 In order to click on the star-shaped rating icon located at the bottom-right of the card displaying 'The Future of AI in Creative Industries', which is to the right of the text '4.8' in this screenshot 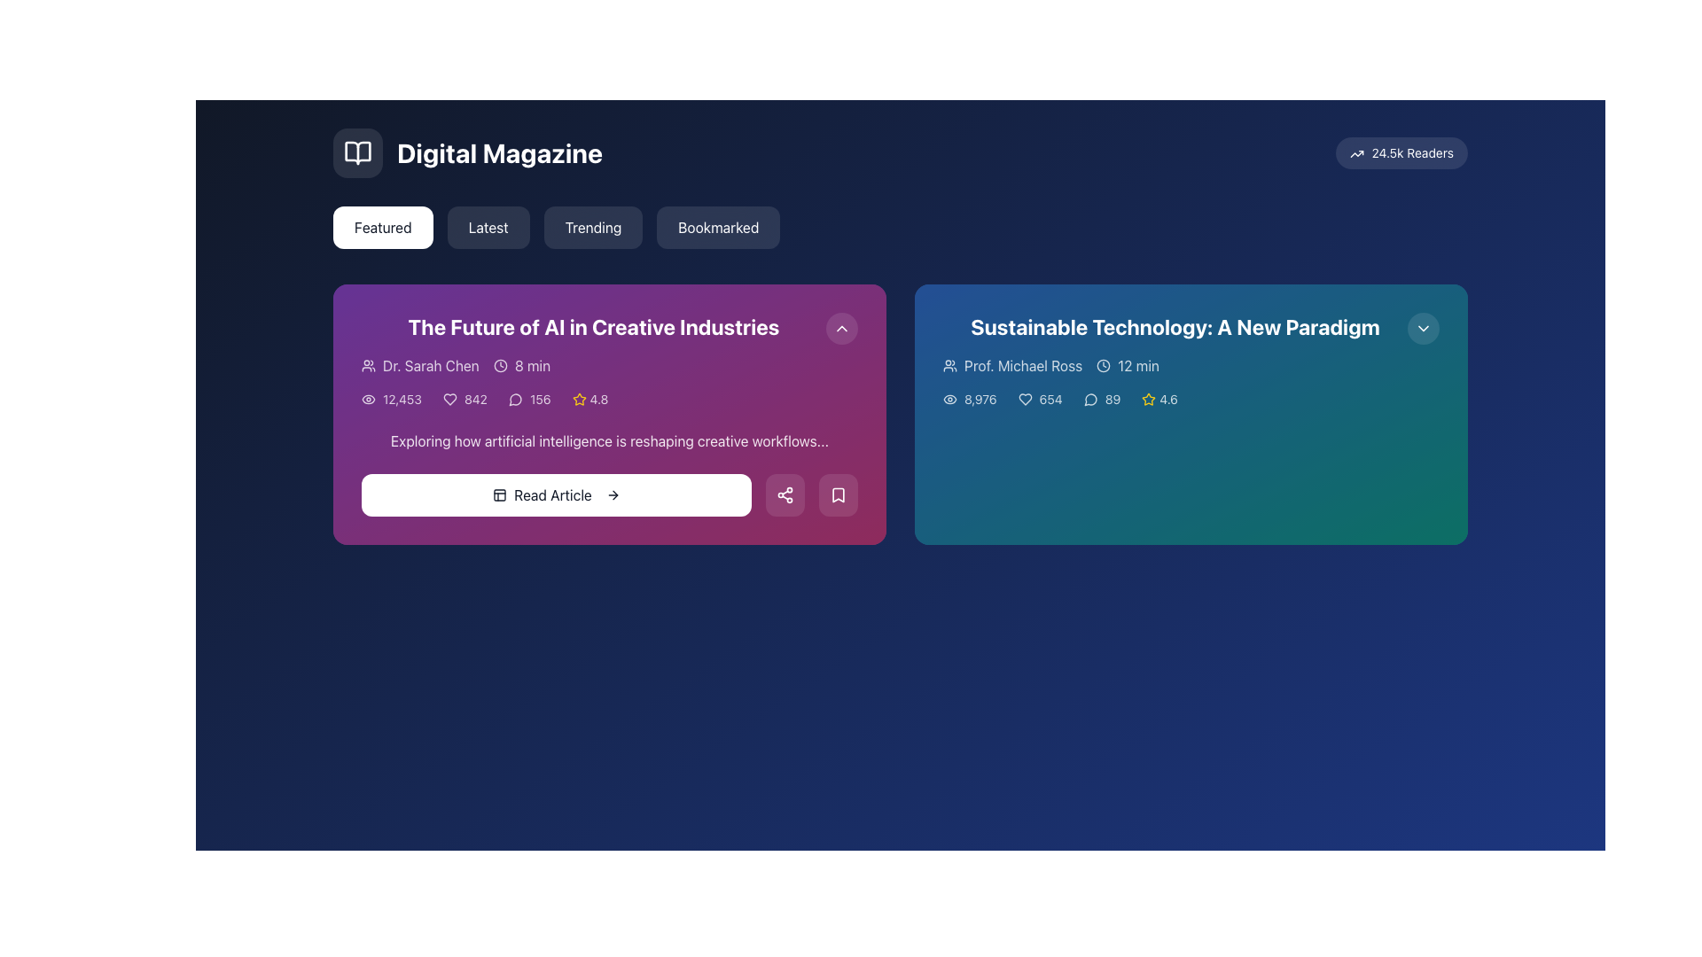, I will do `click(579, 400)`.